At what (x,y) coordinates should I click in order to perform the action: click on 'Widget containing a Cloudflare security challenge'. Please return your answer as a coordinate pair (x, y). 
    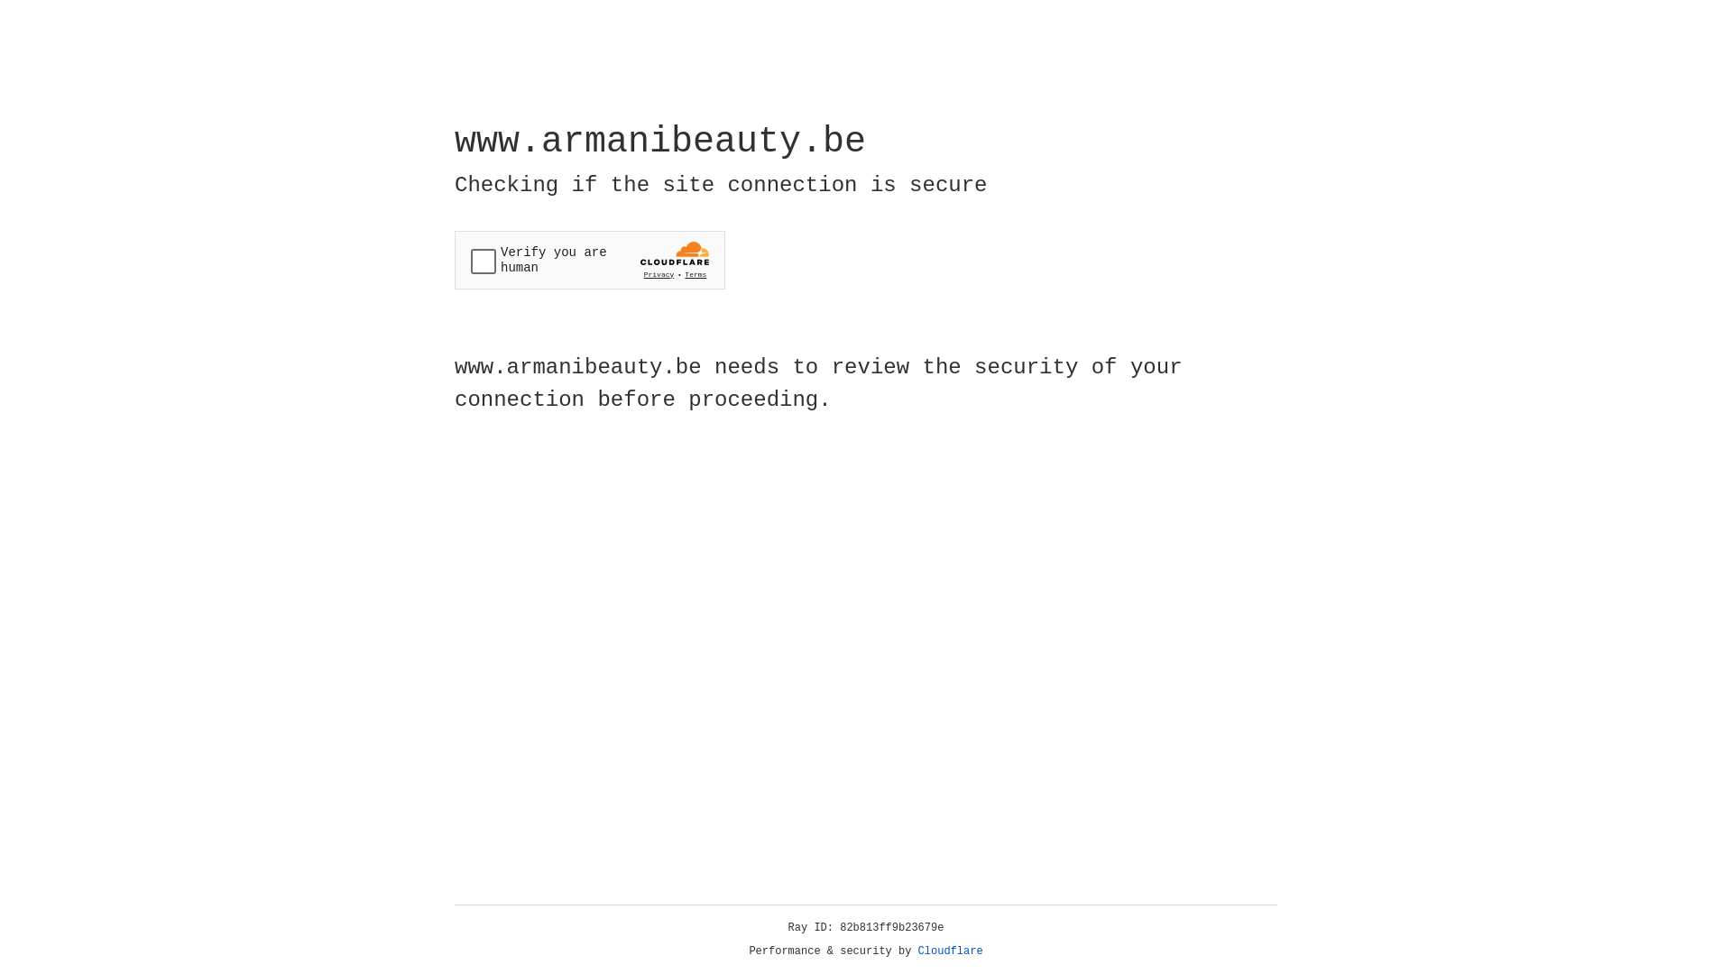
    Looking at the image, I should click on (589, 260).